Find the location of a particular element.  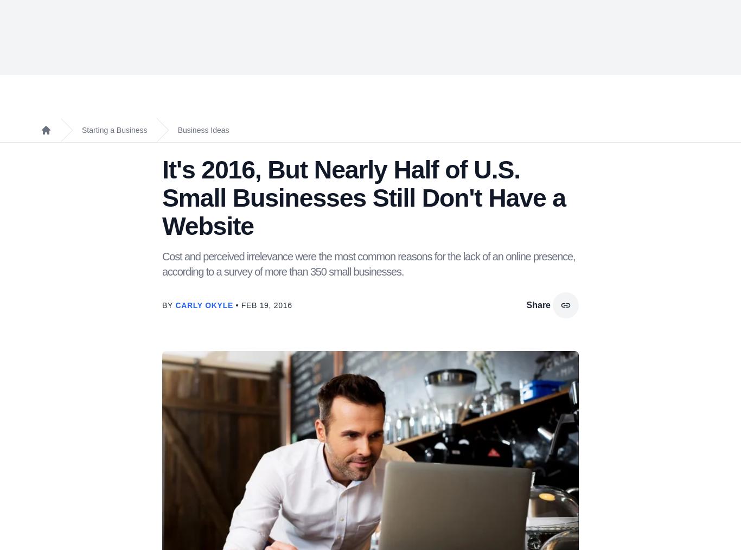

'By        Jonathan Small' is located at coordinates (229, 423).